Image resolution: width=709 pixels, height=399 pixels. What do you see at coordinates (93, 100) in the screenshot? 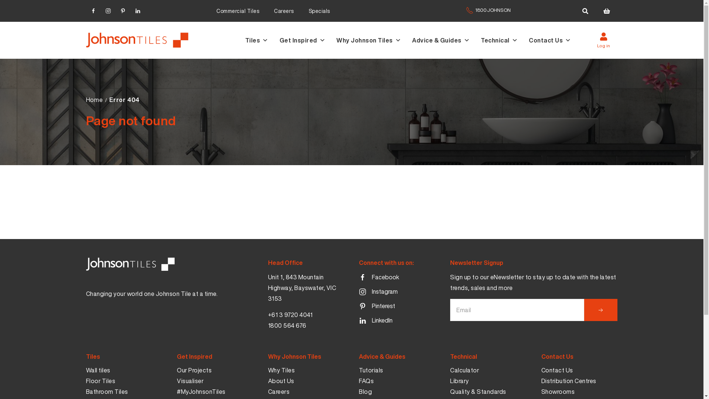
I see `'Home'` at bounding box center [93, 100].